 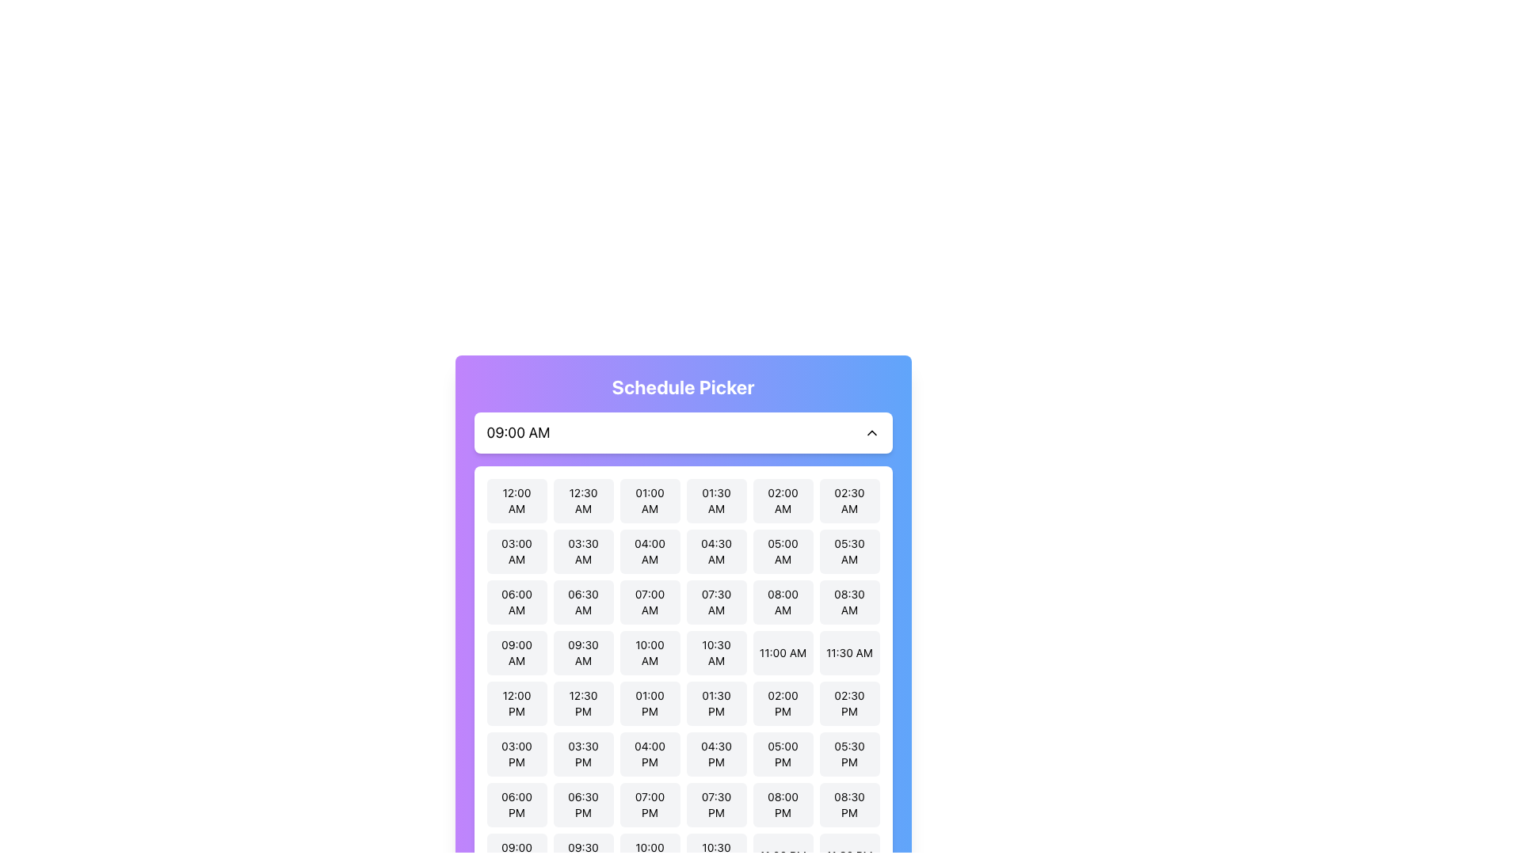 I want to click on the selectable time slot button for '08:00 AM', so click(x=783, y=602).